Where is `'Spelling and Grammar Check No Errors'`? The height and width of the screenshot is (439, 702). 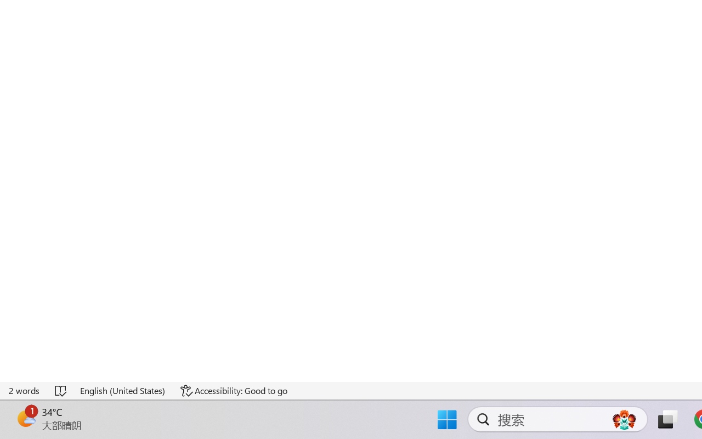 'Spelling and Grammar Check No Errors' is located at coordinates (61, 390).